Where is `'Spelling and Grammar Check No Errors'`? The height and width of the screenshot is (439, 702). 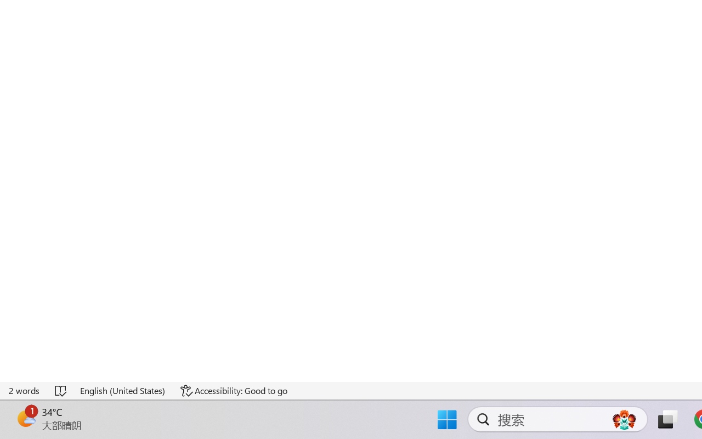 'Spelling and Grammar Check No Errors' is located at coordinates (61, 390).